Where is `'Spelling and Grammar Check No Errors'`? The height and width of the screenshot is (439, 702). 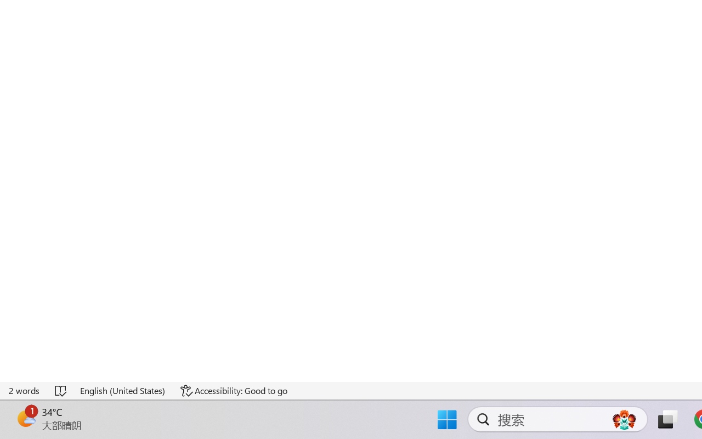 'Spelling and Grammar Check No Errors' is located at coordinates (61, 390).